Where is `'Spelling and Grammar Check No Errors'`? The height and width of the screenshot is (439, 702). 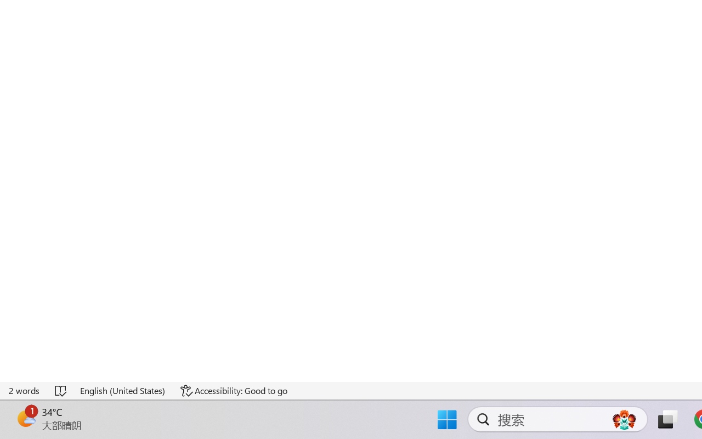 'Spelling and Grammar Check No Errors' is located at coordinates (61, 390).